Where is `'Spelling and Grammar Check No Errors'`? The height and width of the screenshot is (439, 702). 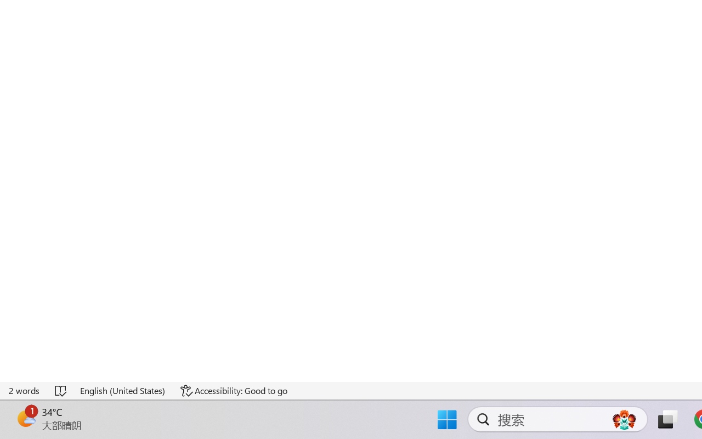 'Spelling and Grammar Check No Errors' is located at coordinates (61, 390).